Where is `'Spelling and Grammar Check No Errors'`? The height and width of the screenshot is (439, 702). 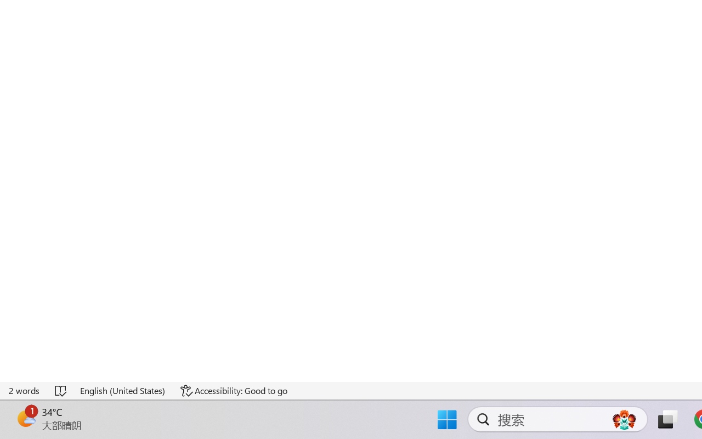 'Spelling and Grammar Check No Errors' is located at coordinates (61, 390).